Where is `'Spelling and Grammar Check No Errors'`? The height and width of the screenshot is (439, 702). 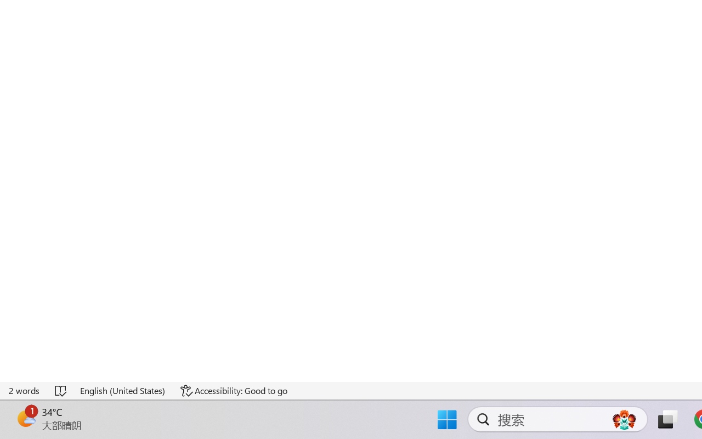 'Spelling and Grammar Check No Errors' is located at coordinates (61, 390).